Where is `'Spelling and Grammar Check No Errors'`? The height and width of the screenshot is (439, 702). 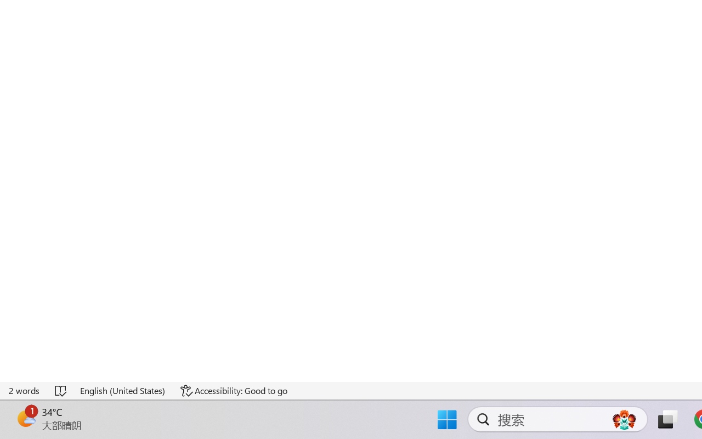 'Spelling and Grammar Check No Errors' is located at coordinates (61, 390).